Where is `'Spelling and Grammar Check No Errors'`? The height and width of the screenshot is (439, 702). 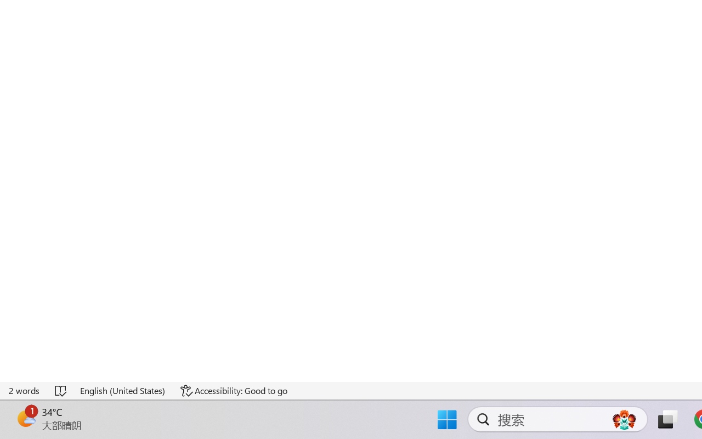 'Spelling and Grammar Check No Errors' is located at coordinates (61, 390).